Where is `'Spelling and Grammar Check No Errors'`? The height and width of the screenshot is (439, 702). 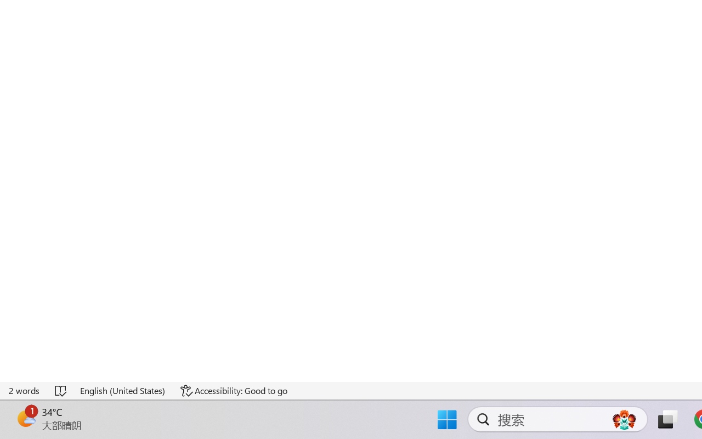 'Spelling and Grammar Check No Errors' is located at coordinates (61, 390).